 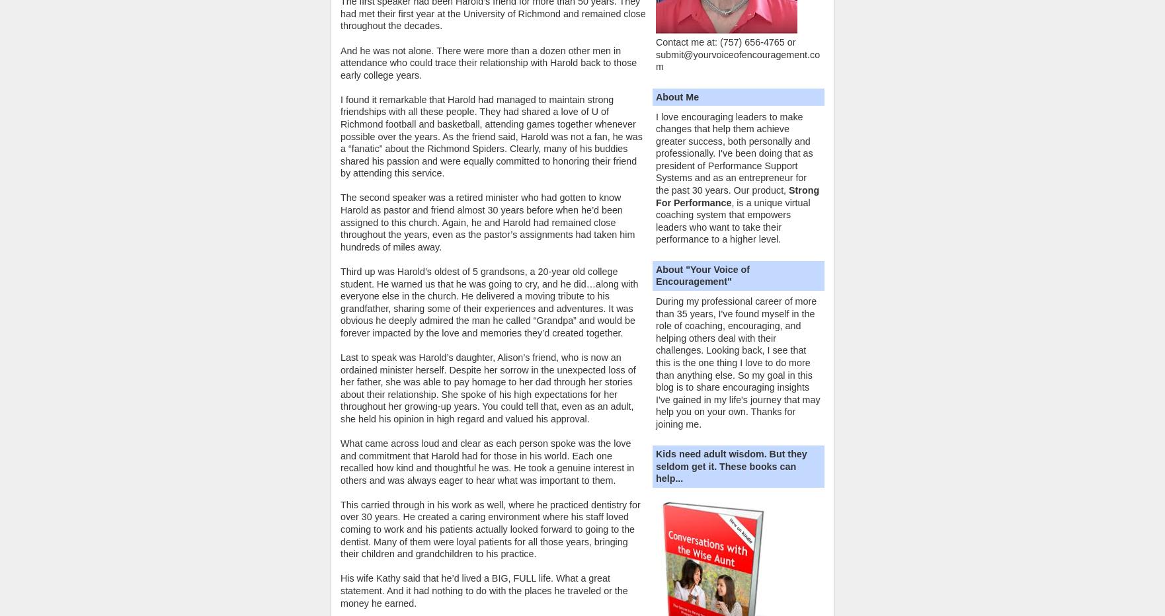 I want to click on 'Strong For Performance', so click(x=737, y=196).